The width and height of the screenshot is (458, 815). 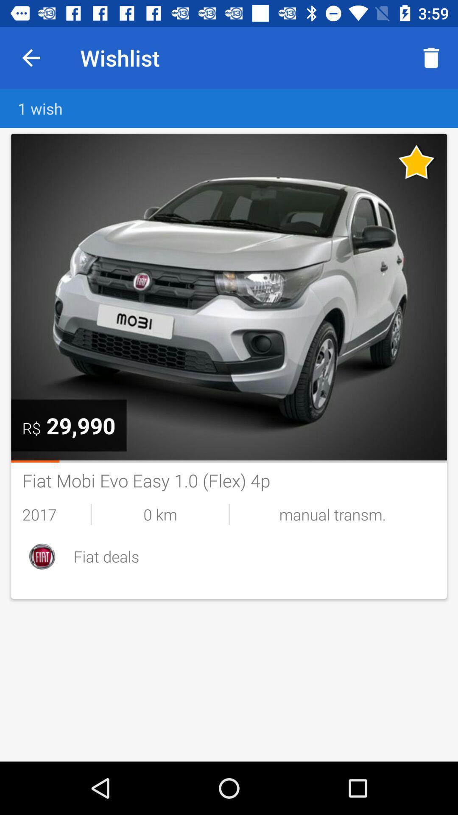 I want to click on to your wishlist, so click(x=416, y=162).